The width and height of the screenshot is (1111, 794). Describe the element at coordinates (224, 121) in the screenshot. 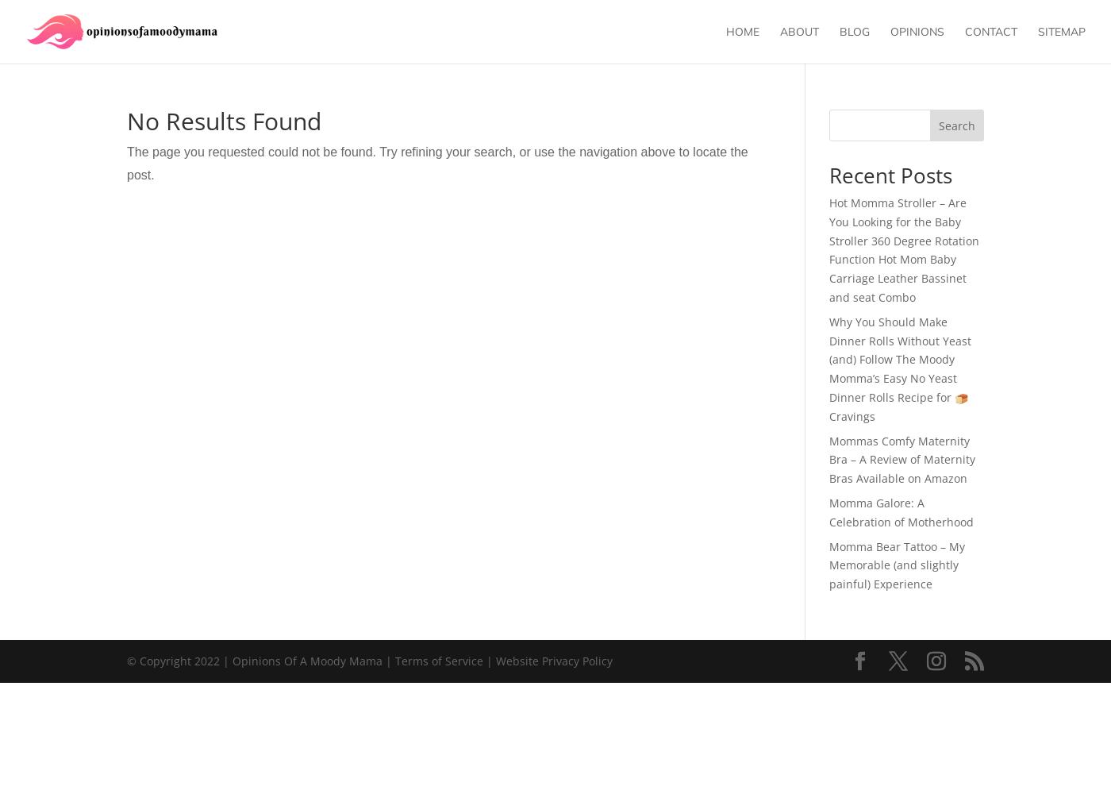

I see `'No Results Found'` at that location.